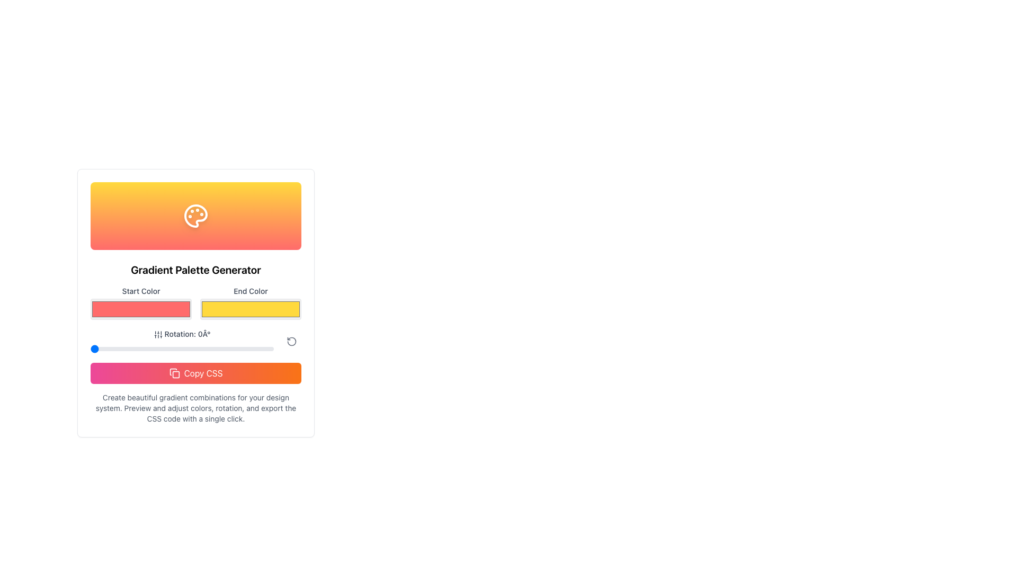 Image resolution: width=1017 pixels, height=572 pixels. Describe the element at coordinates (234, 349) in the screenshot. I see `the rotation` at that location.